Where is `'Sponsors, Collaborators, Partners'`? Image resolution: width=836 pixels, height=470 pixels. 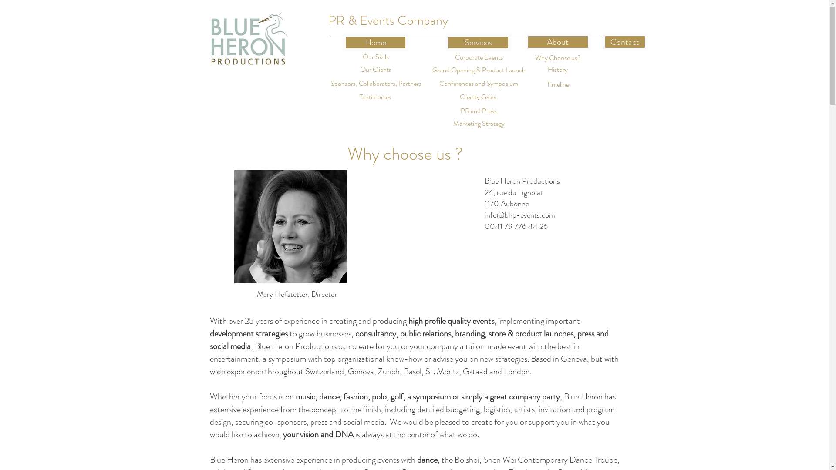
'Sponsors, Collaborators, Partners' is located at coordinates (376, 84).